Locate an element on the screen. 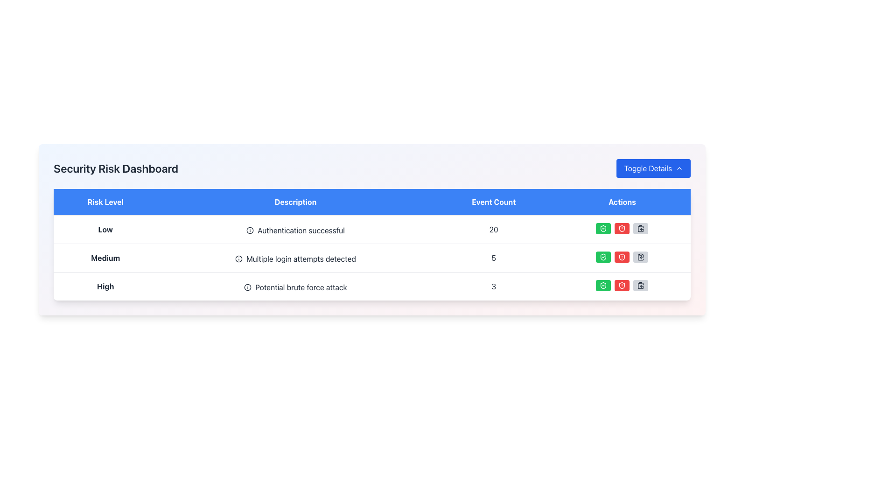 The height and width of the screenshot is (504, 896). the stylized green shield icon with a tick inside, located in the 'Actions' column of the 'Risk Level' table row labeled 'High' is located at coordinates (603, 285).